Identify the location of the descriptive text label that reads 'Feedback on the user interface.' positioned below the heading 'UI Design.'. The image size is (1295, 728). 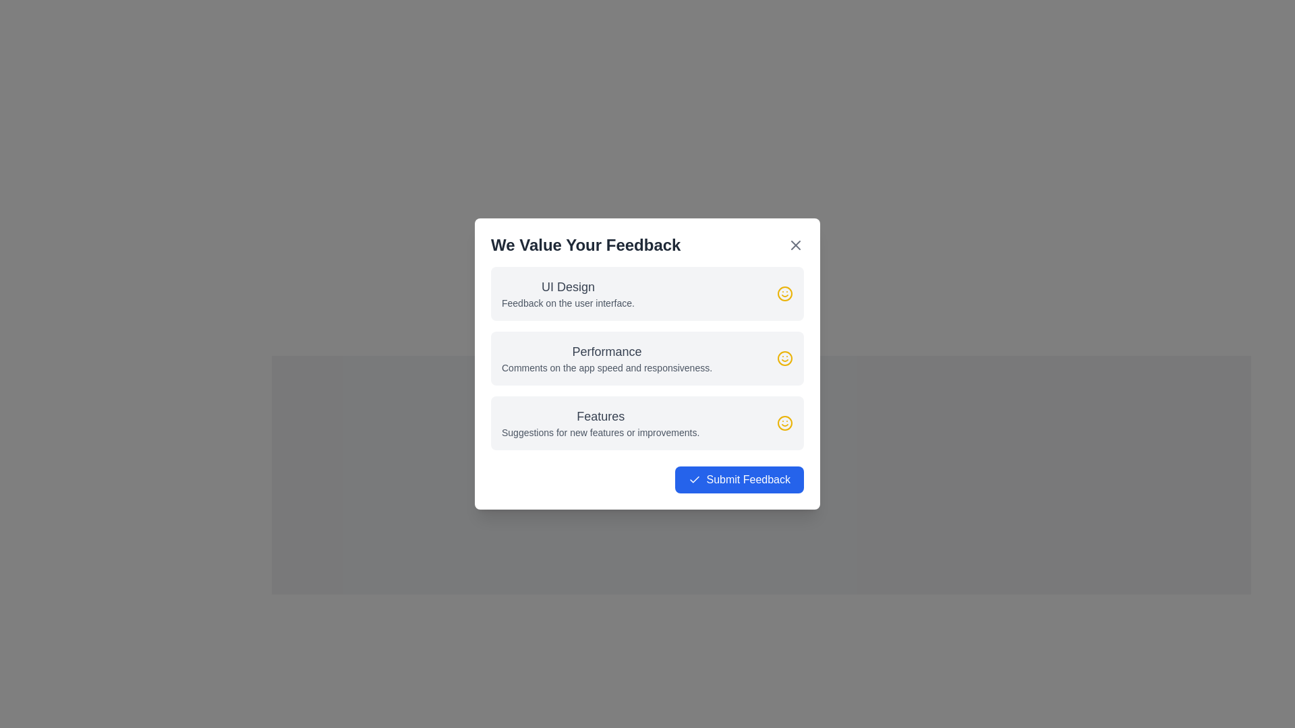
(568, 303).